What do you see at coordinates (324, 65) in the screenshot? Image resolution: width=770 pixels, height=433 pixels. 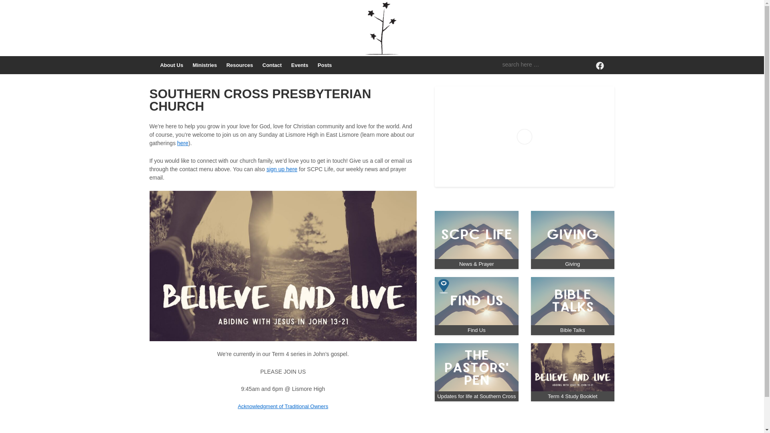 I see `'Posts'` at bounding box center [324, 65].